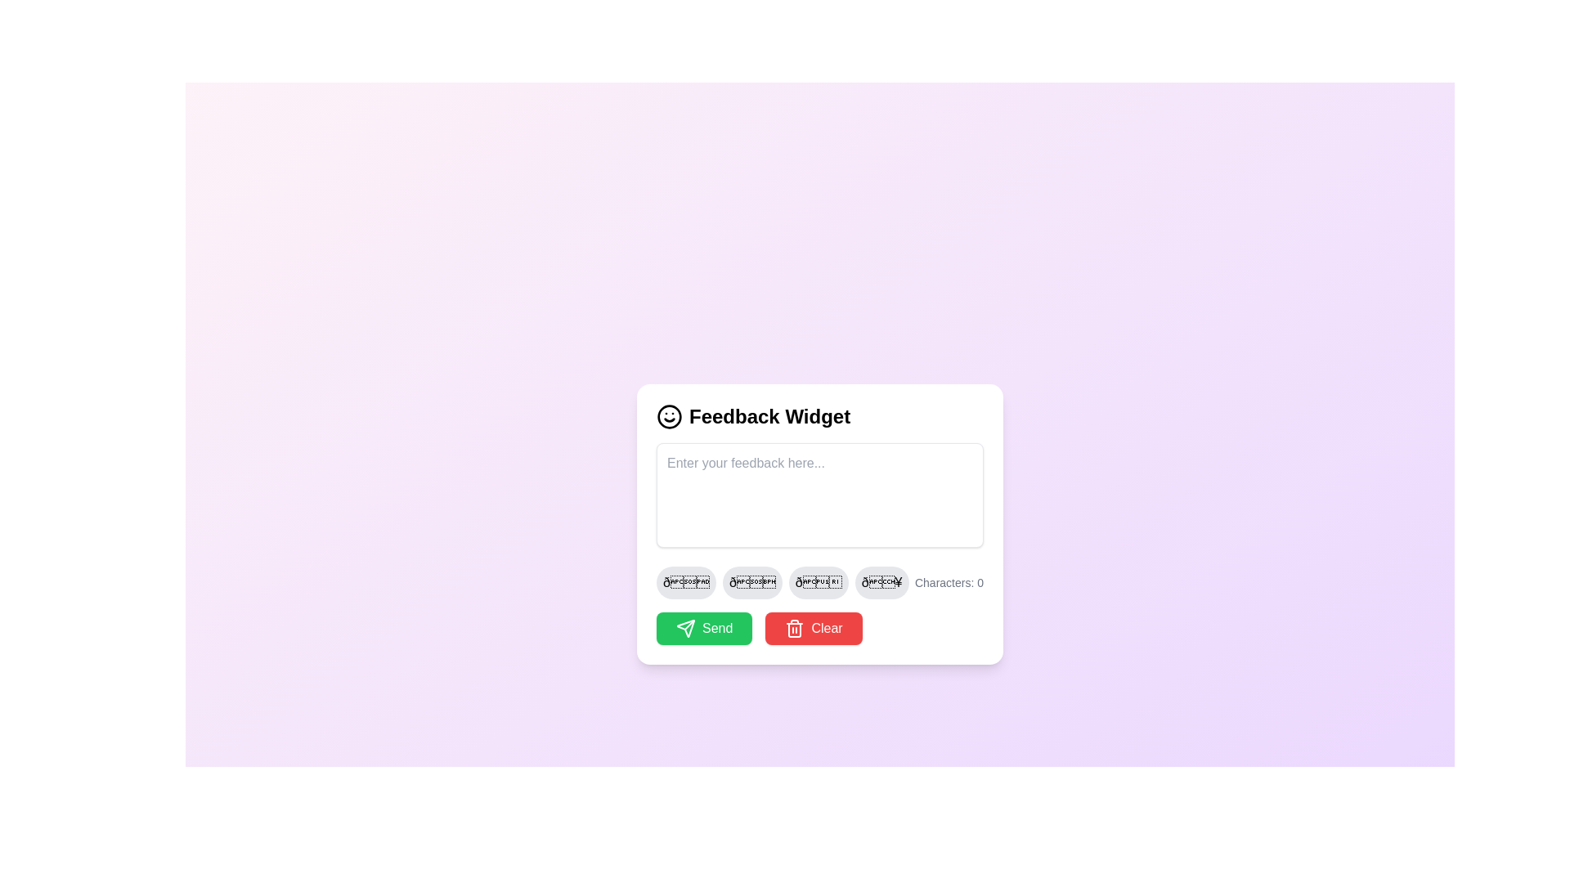  I want to click on one of the emoji buttons in the button group located below the main text input area, which has a rounded gray background and is horizontally aligned, so click(782, 581).